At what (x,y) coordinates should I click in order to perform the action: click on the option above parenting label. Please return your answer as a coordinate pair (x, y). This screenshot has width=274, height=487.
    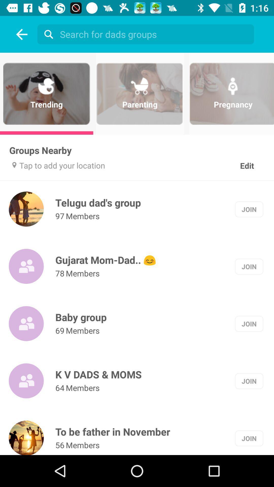
    Looking at the image, I should click on (147, 34).